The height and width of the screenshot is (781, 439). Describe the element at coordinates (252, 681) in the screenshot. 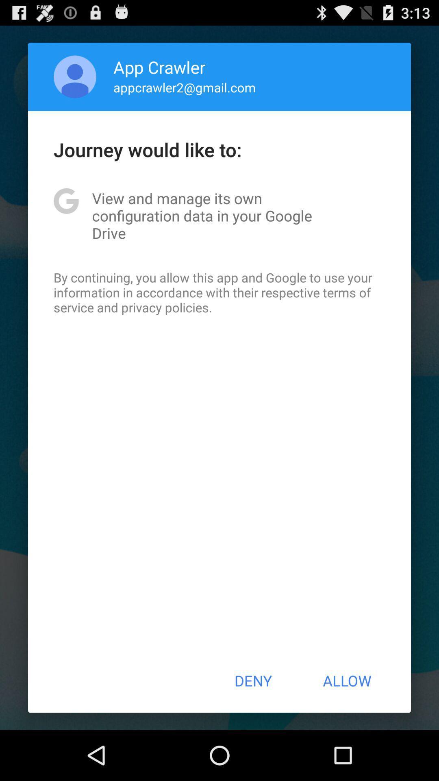

I see `the button to the left of allow item` at that location.